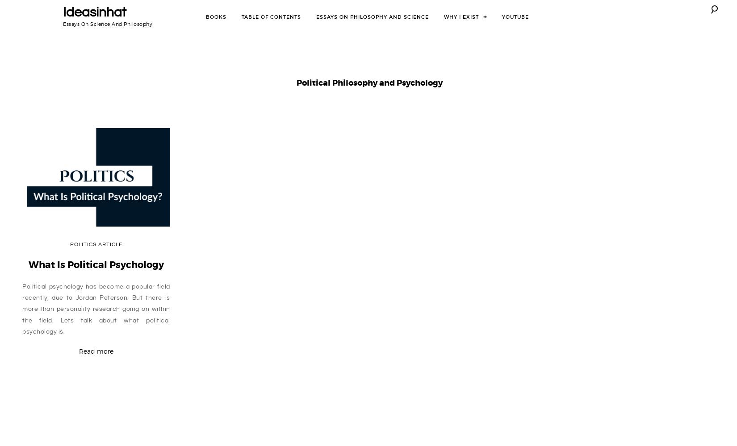 The image size is (737, 446). Describe the element at coordinates (461, 17) in the screenshot. I see `'Why I exist'` at that location.